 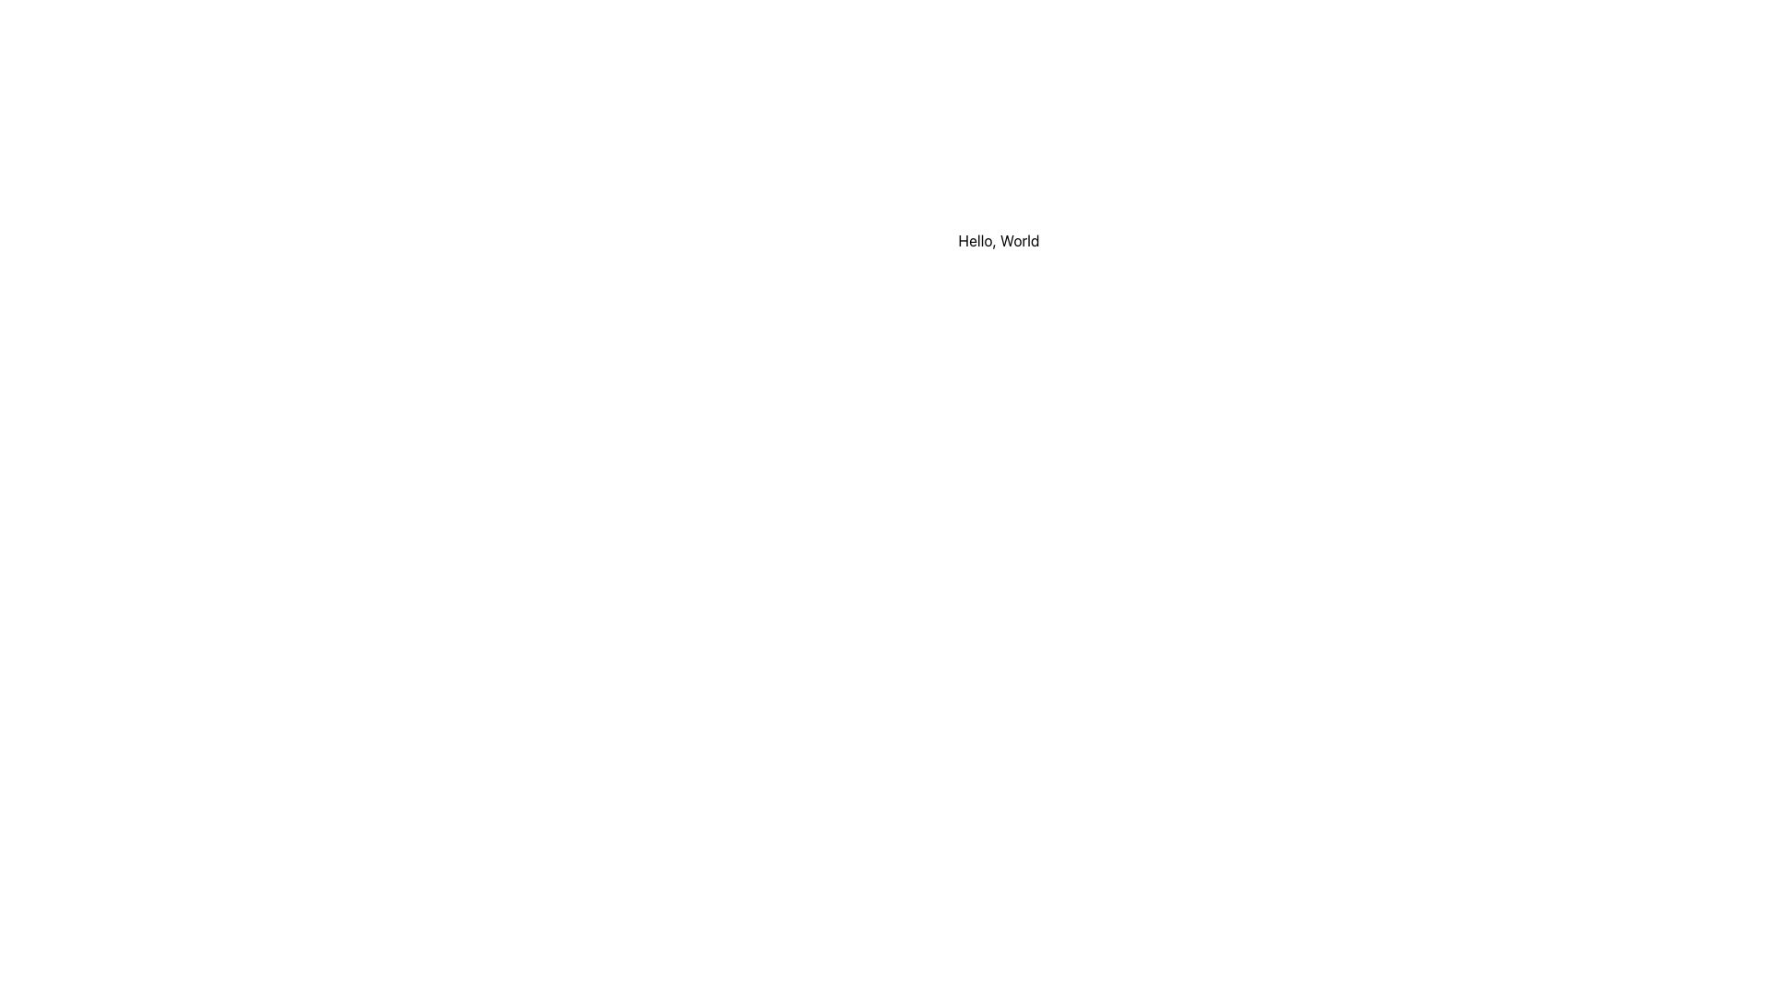 What do you see at coordinates (998, 240) in the screenshot?
I see `the static text label that greets the user` at bounding box center [998, 240].